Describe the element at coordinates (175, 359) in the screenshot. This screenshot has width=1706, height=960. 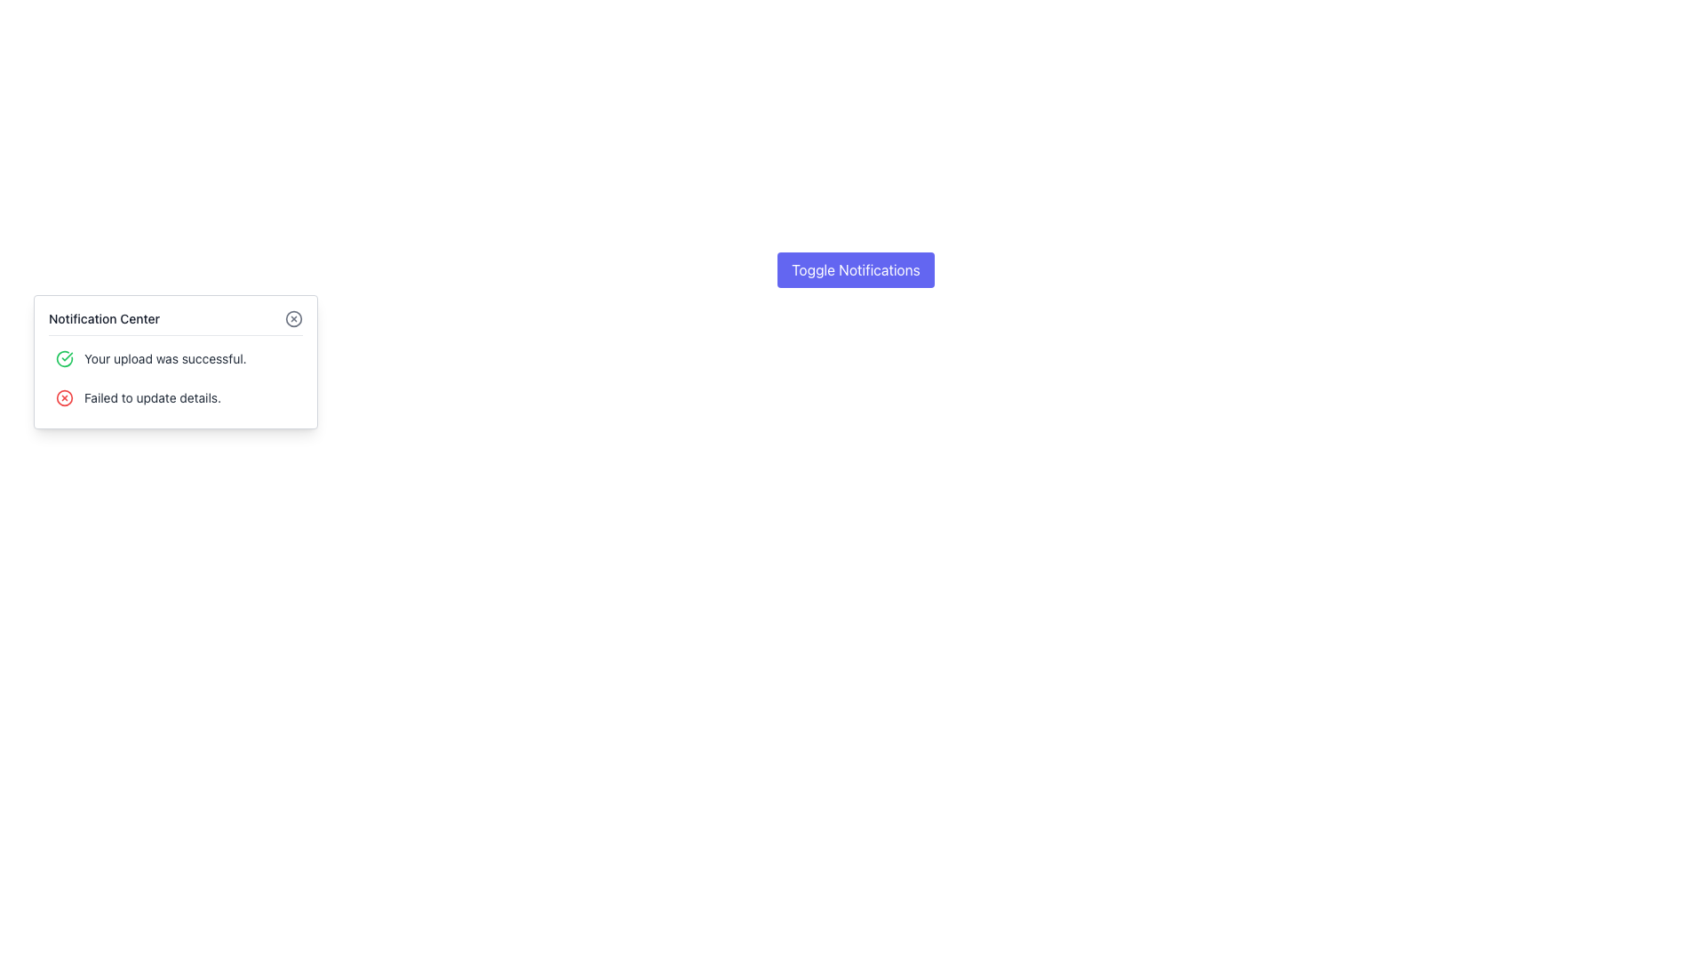
I see `the Notification Item indicating a successful upload operation, which is the first item in the vertical list of notifications in the notification center` at that location.